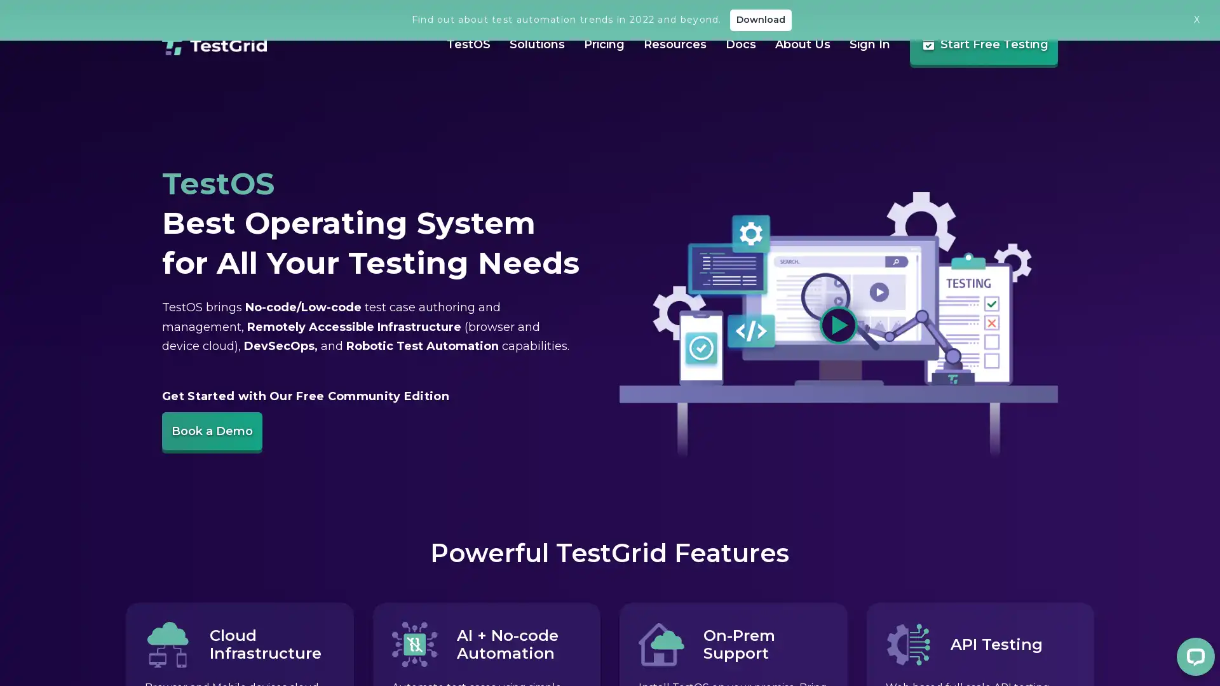 The height and width of the screenshot is (686, 1220). What do you see at coordinates (524, 79) in the screenshot?
I see `Solutions` at bounding box center [524, 79].